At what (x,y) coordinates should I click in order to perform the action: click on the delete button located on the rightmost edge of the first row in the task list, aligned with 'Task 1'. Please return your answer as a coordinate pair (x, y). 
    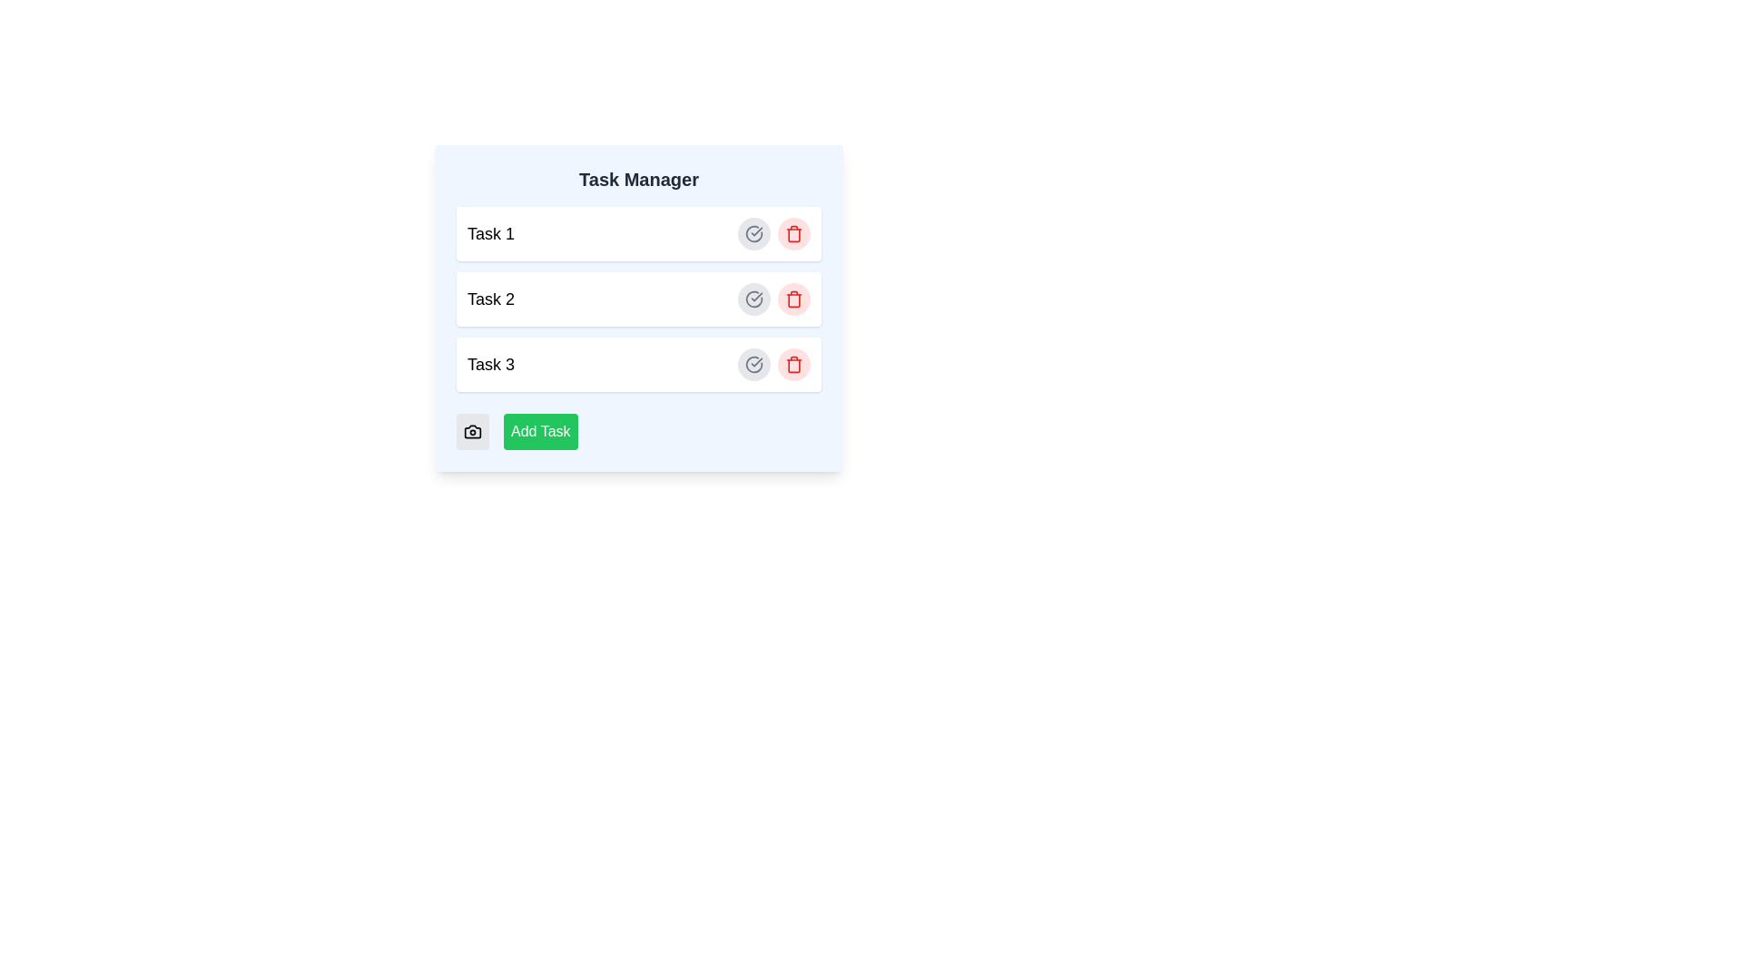
    Looking at the image, I should click on (793, 233).